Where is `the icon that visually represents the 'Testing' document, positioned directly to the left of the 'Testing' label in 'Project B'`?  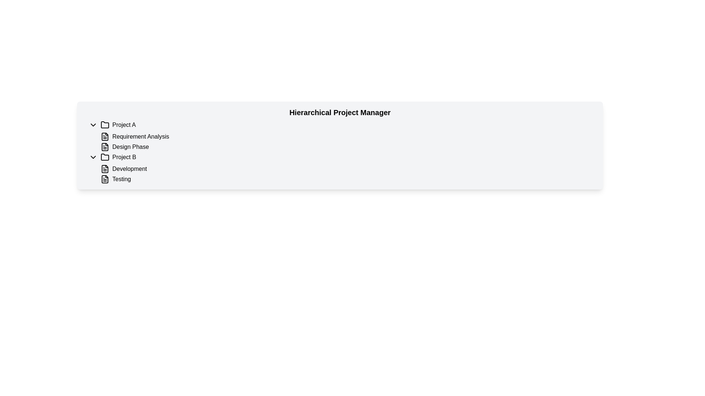 the icon that visually represents the 'Testing' document, positioned directly to the left of the 'Testing' label in 'Project B' is located at coordinates (105, 179).